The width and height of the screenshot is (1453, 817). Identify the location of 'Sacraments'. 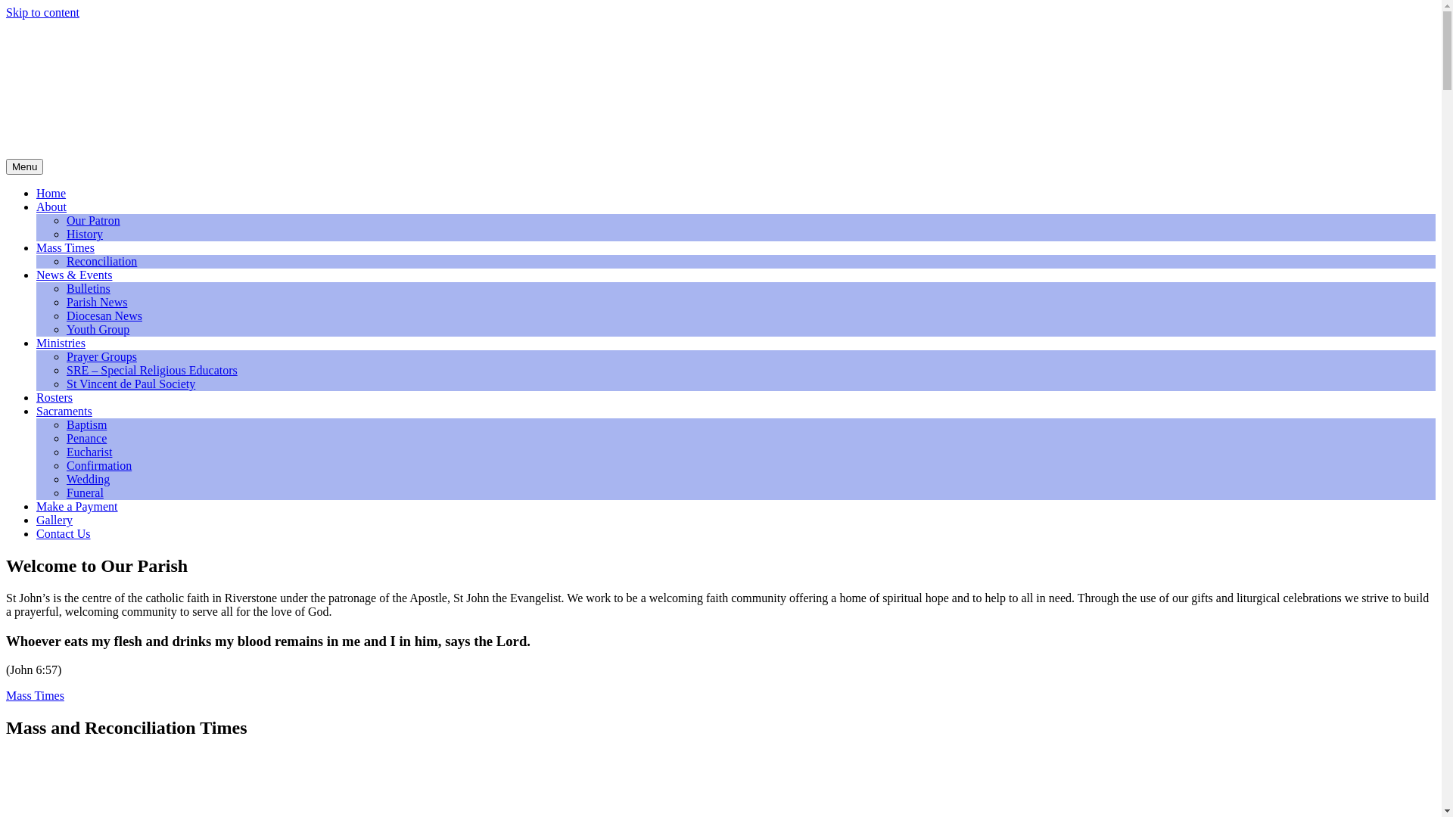
(64, 411).